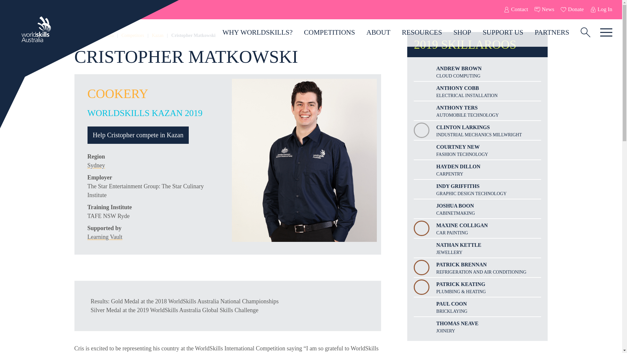 This screenshot has width=627, height=353. What do you see at coordinates (257, 32) in the screenshot?
I see `'WHY WORLDSKILLS?'` at bounding box center [257, 32].